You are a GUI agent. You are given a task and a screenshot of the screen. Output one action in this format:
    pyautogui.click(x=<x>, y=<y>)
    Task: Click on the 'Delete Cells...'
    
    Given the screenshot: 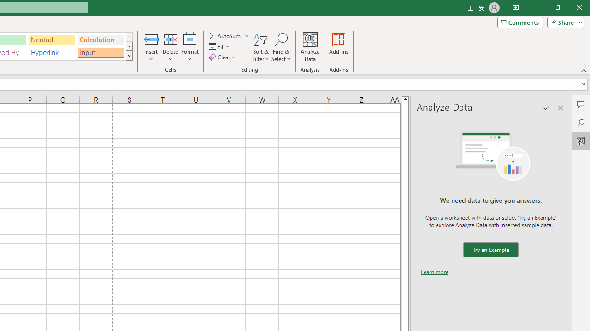 What is the action you would take?
    pyautogui.click(x=170, y=39)
    